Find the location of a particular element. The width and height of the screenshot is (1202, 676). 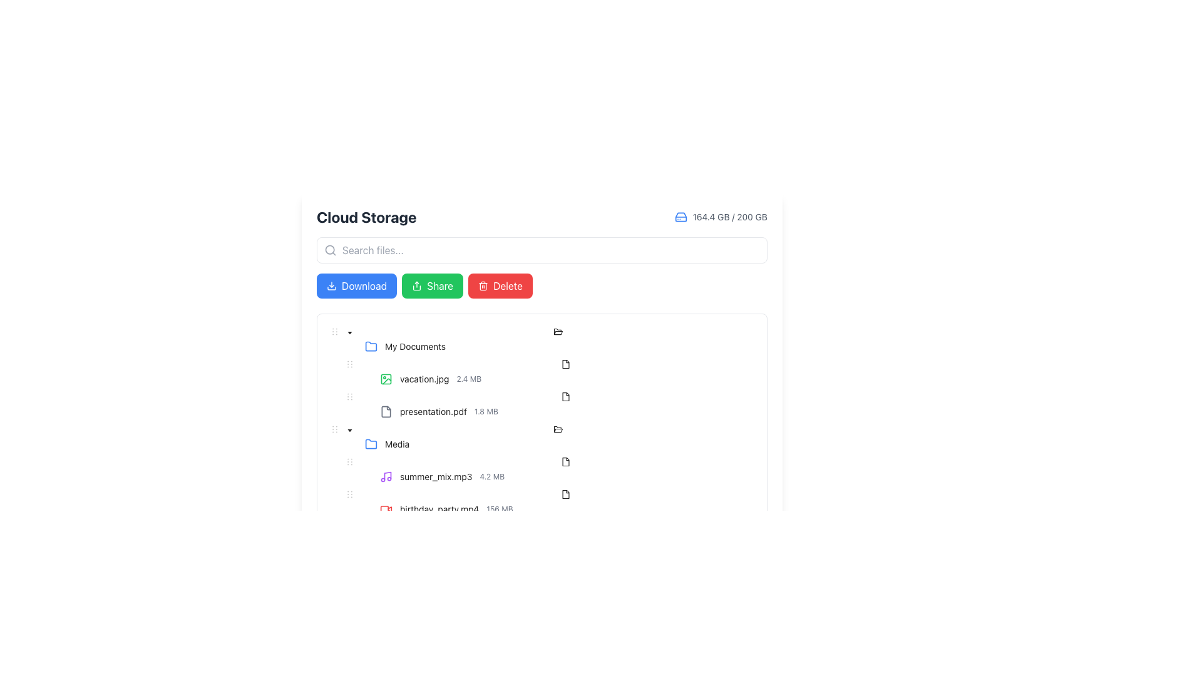

the folder icon representing 'Media' is located at coordinates (371, 443).